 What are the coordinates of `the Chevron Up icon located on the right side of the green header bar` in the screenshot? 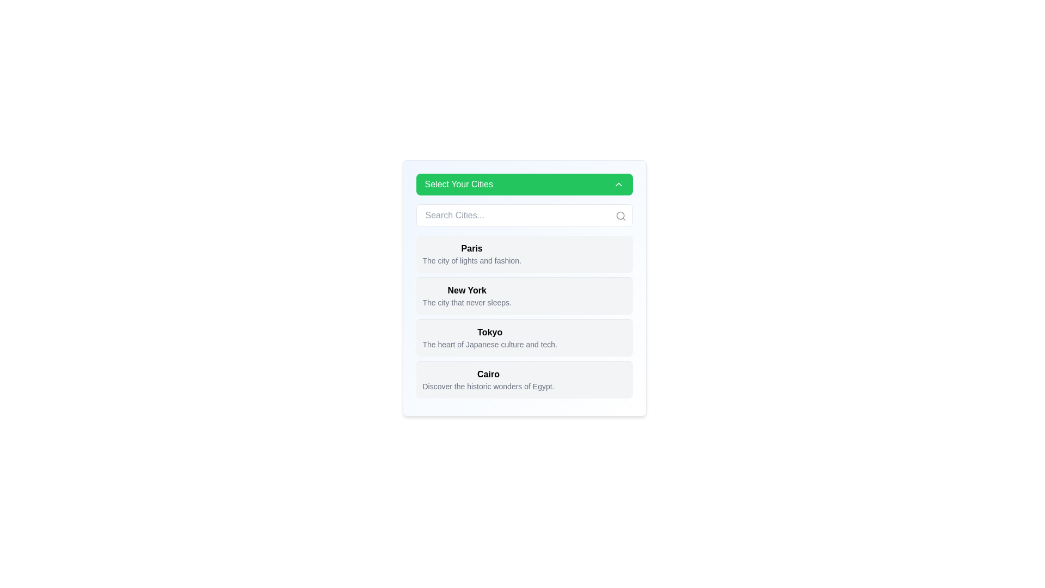 It's located at (618, 184).